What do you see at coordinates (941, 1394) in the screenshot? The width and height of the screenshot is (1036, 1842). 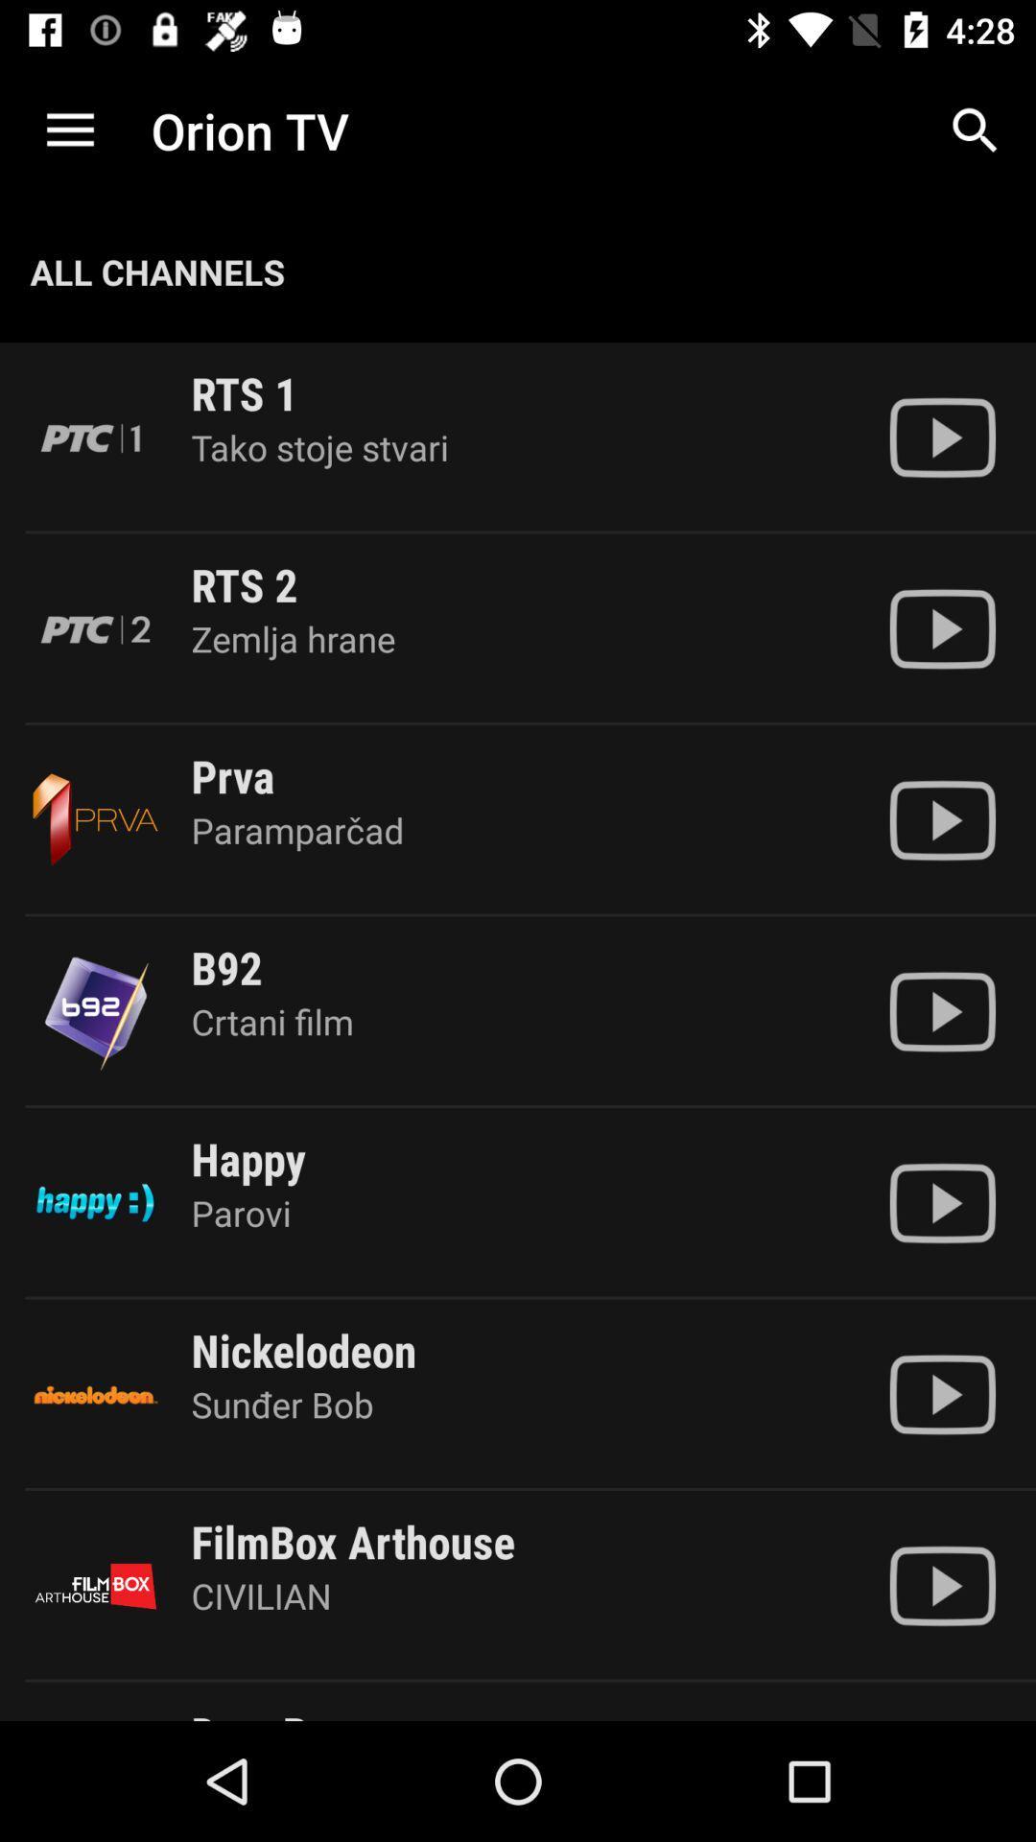 I see `play` at bounding box center [941, 1394].